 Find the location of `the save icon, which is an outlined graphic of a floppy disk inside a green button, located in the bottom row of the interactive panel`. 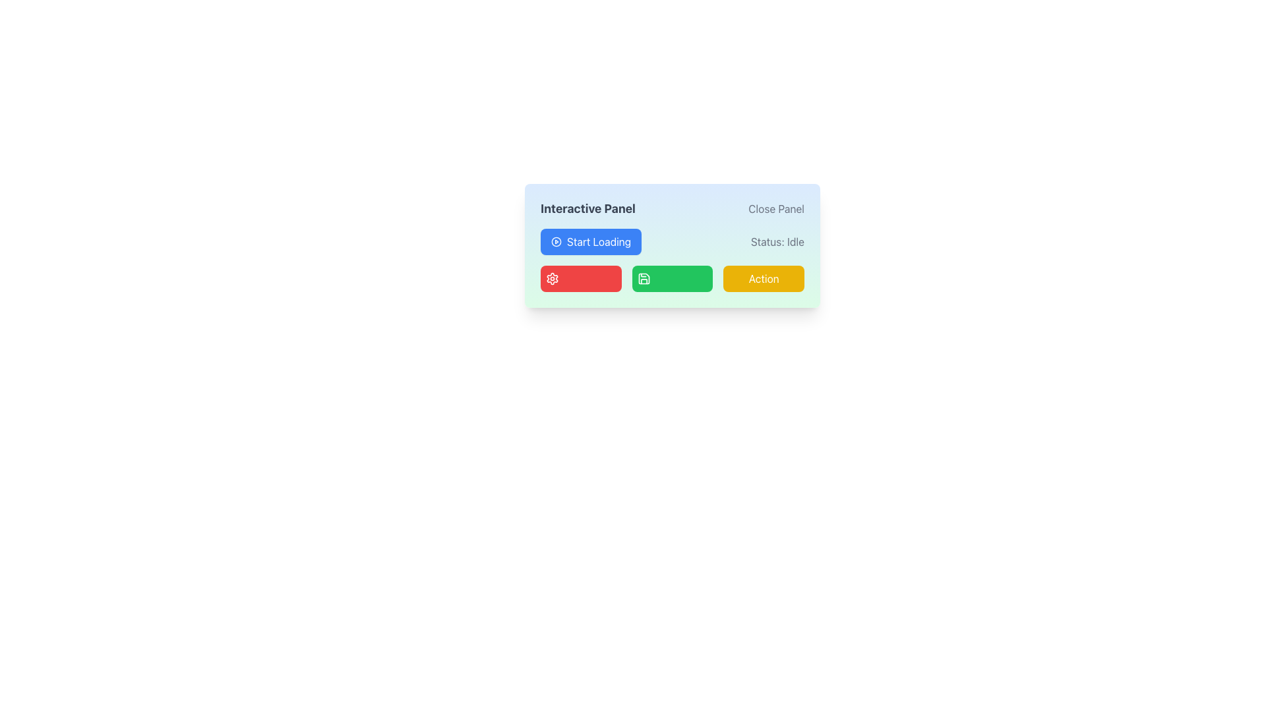

the save icon, which is an outlined graphic of a floppy disk inside a green button, located in the bottom row of the interactive panel is located at coordinates (644, 278).